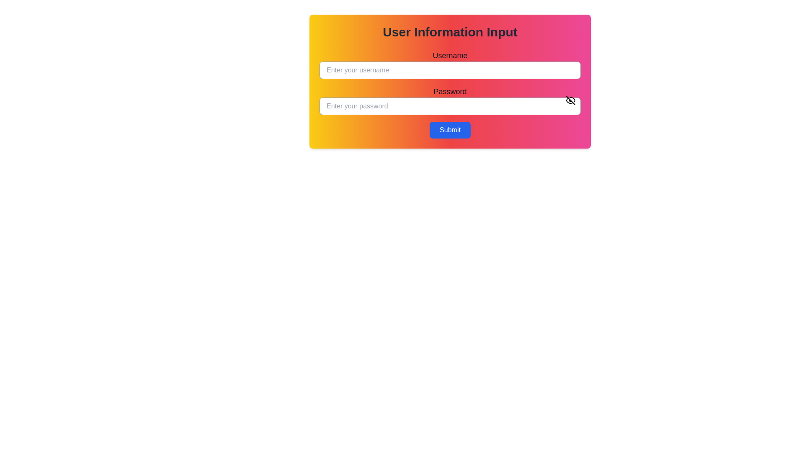 Image resolution: width=804 pixels, height=452 pixels. What do you see at coordinates (450, 130) in the screenshot?
I see `the blue rectangular 'Submit' button with white text, which is prominently displayed below the password input field in the center of the form` at bounding box center [450, 130].